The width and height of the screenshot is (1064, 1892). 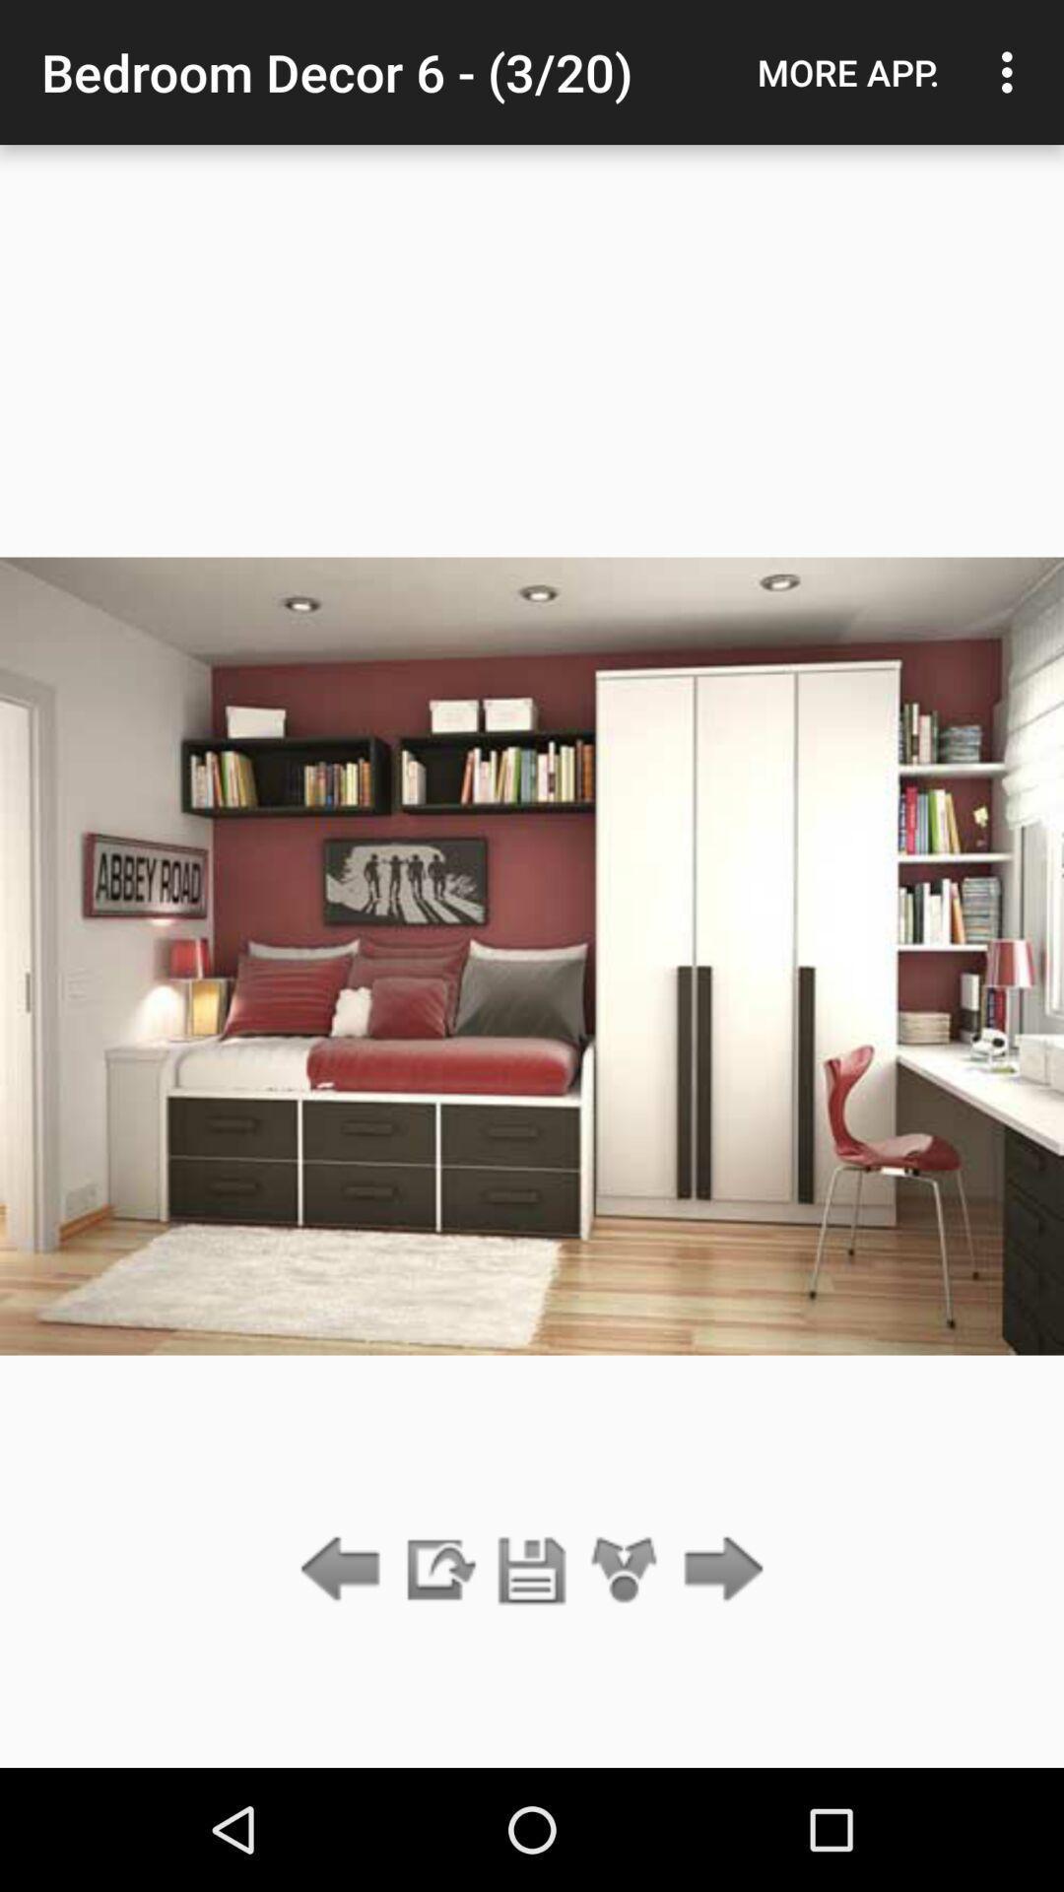 I want to click on the item to the right of the more app. item, so click(x=1012, y=72).